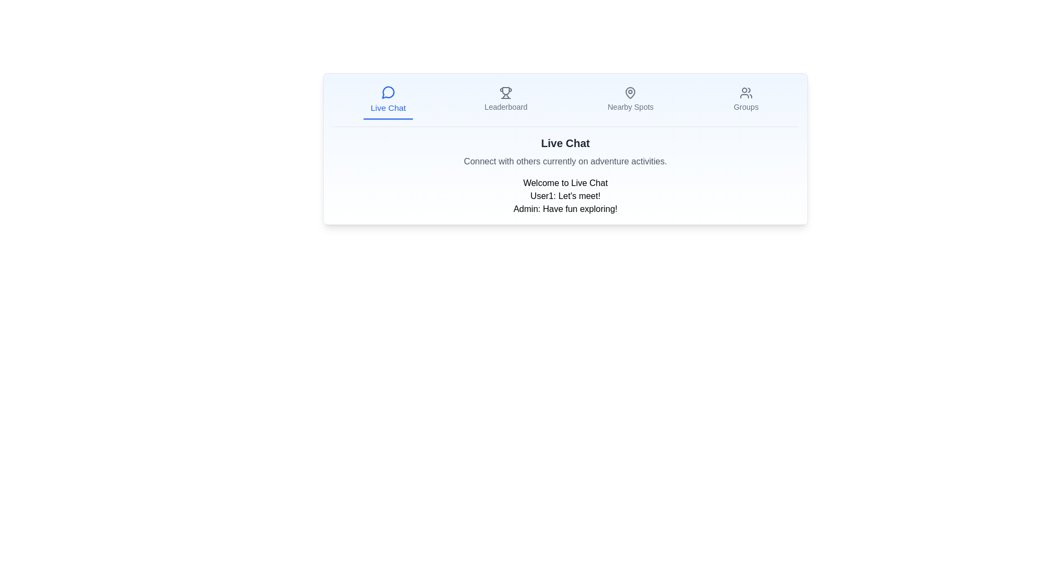  Describe the element at coordinates (505, 100) in the screenshot. I see `the interactive navigation button labeled 'Leaderboard'` at that location.